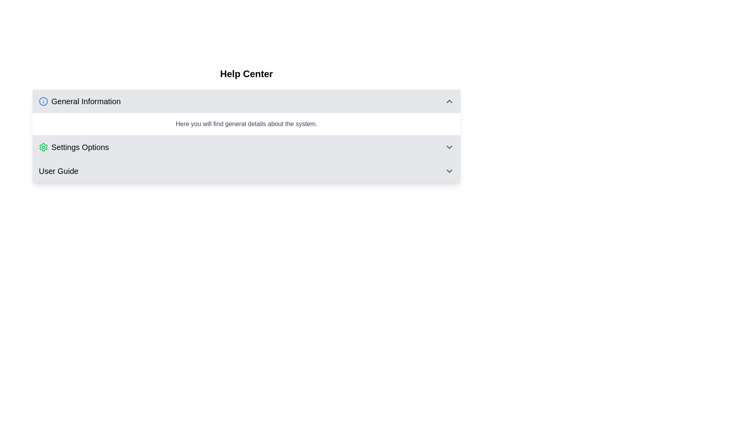 This screenshot has height=423, width=753. Describe the element at coordinates (43, 101) in the screenshot. I see `the informational icon located to the left of the 'General Information' text in the Help Center section` at that location.